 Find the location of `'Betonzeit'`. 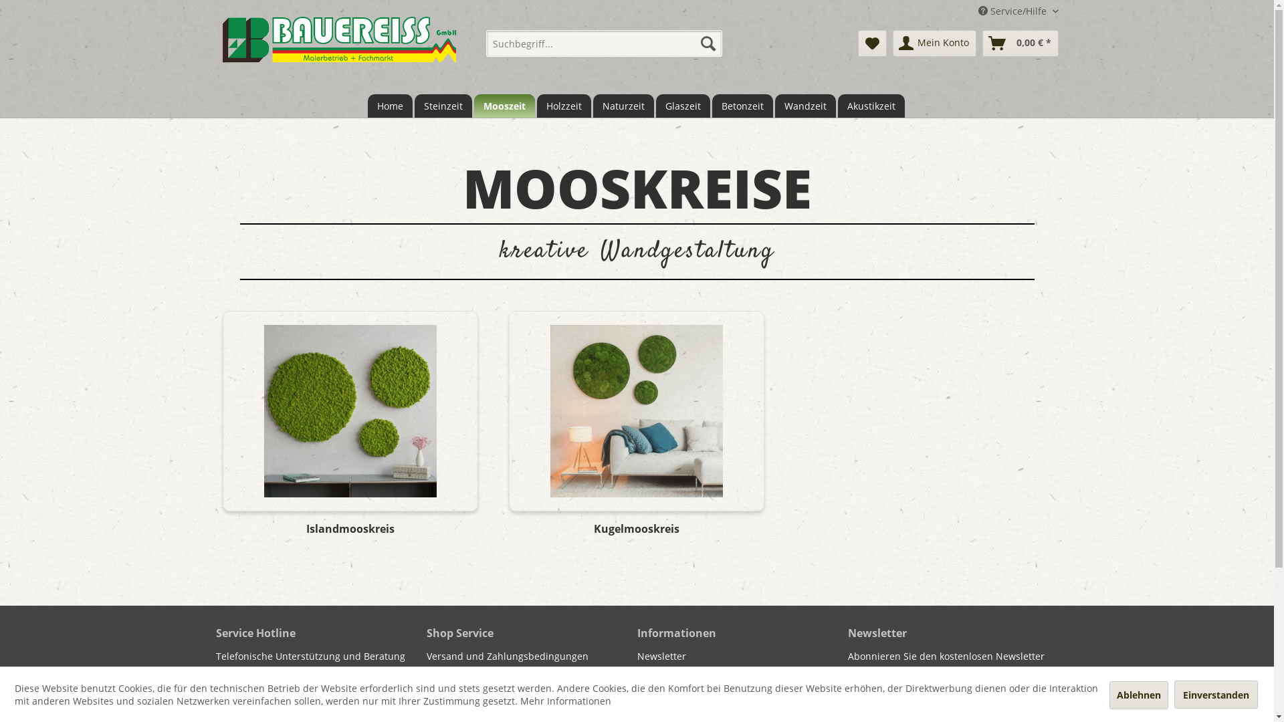

'Betonzeit' is located at coordinates (711, 105).